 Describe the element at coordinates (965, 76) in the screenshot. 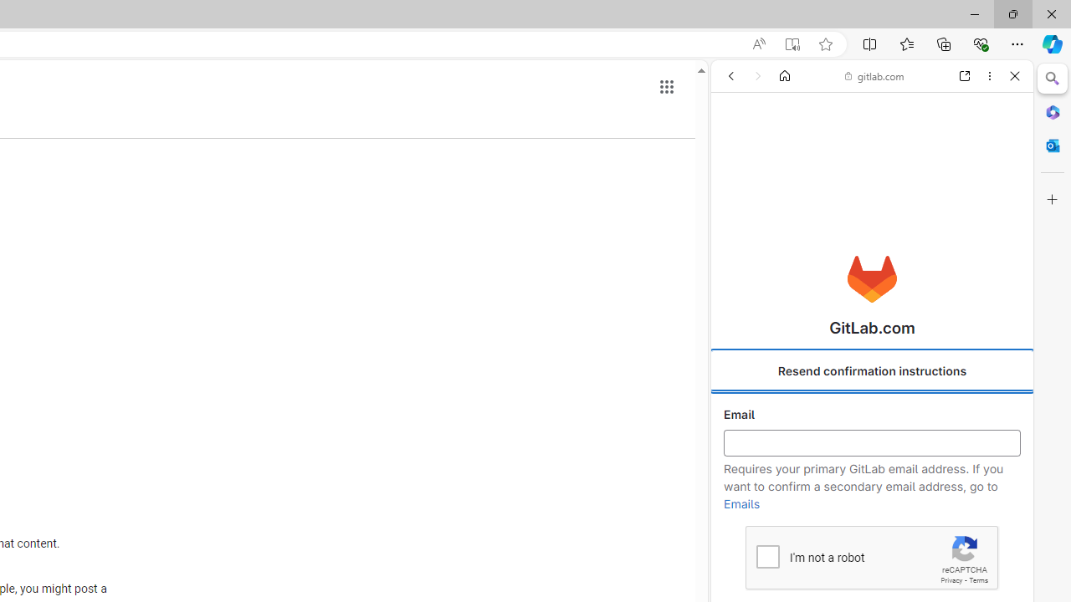

I see `'Open link in new tab'` at that location.